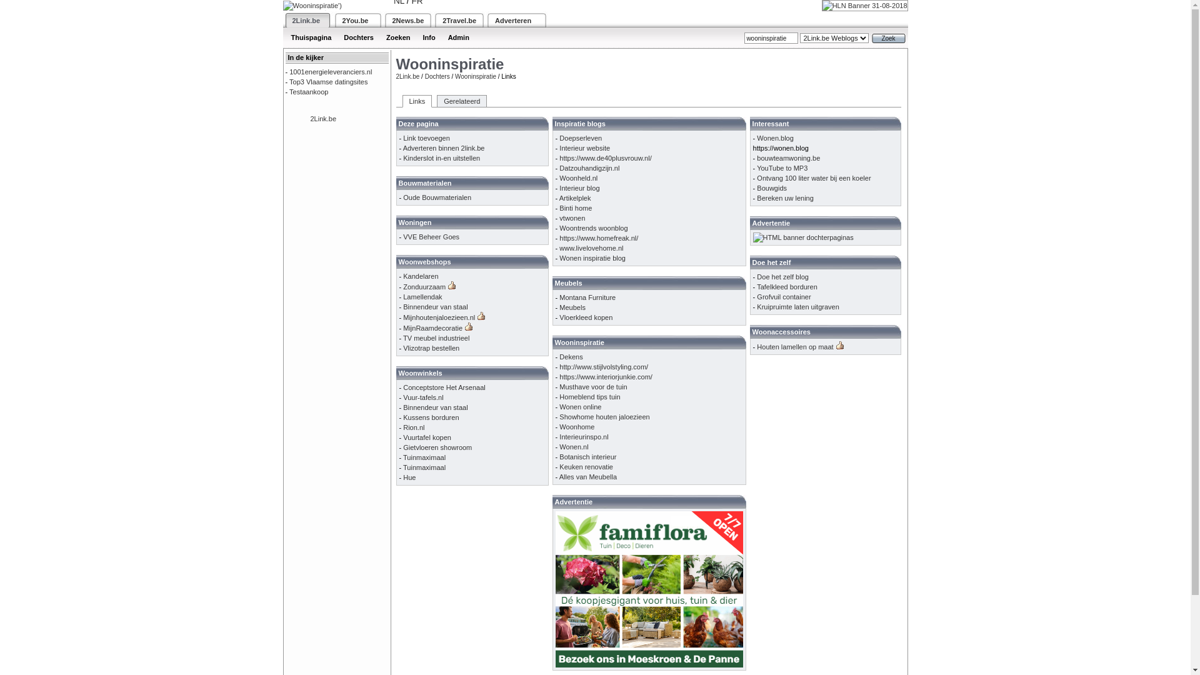  Describe the element at coordinates (782, 276) in the screenshot. I see `'Doe het zelf blog'` at that location.